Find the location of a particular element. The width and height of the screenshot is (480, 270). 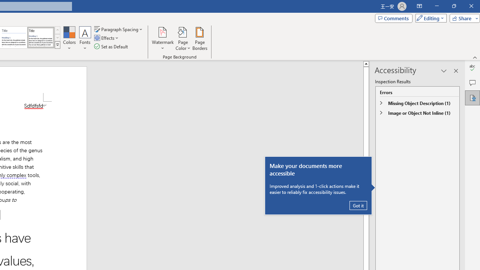

'Watermark' is located at coordinates (162, 39).